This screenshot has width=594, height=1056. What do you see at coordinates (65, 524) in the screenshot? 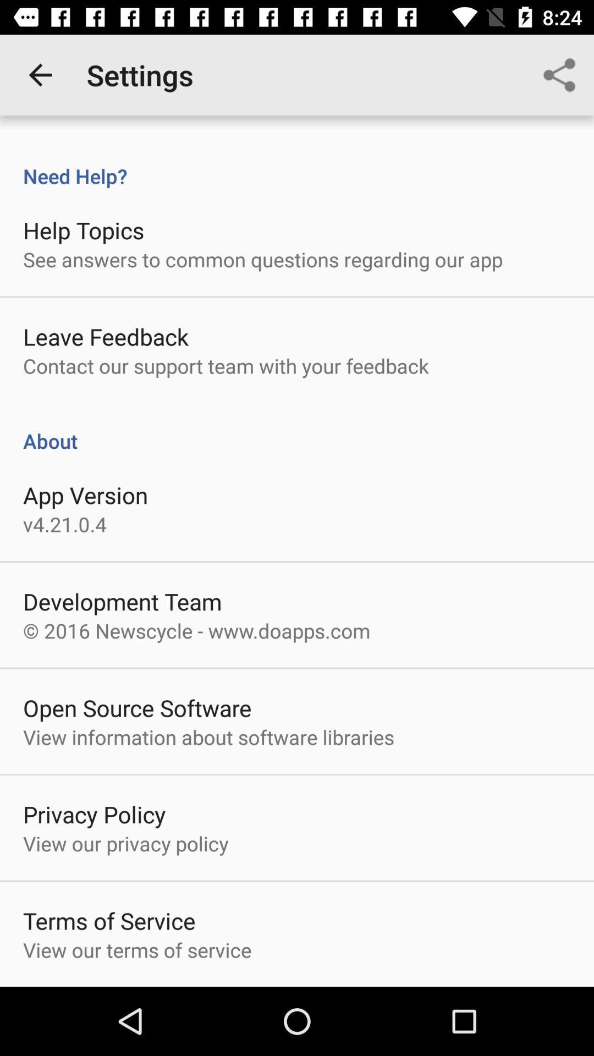
I see `the icon above development team item` at bounding box center [65, 524].